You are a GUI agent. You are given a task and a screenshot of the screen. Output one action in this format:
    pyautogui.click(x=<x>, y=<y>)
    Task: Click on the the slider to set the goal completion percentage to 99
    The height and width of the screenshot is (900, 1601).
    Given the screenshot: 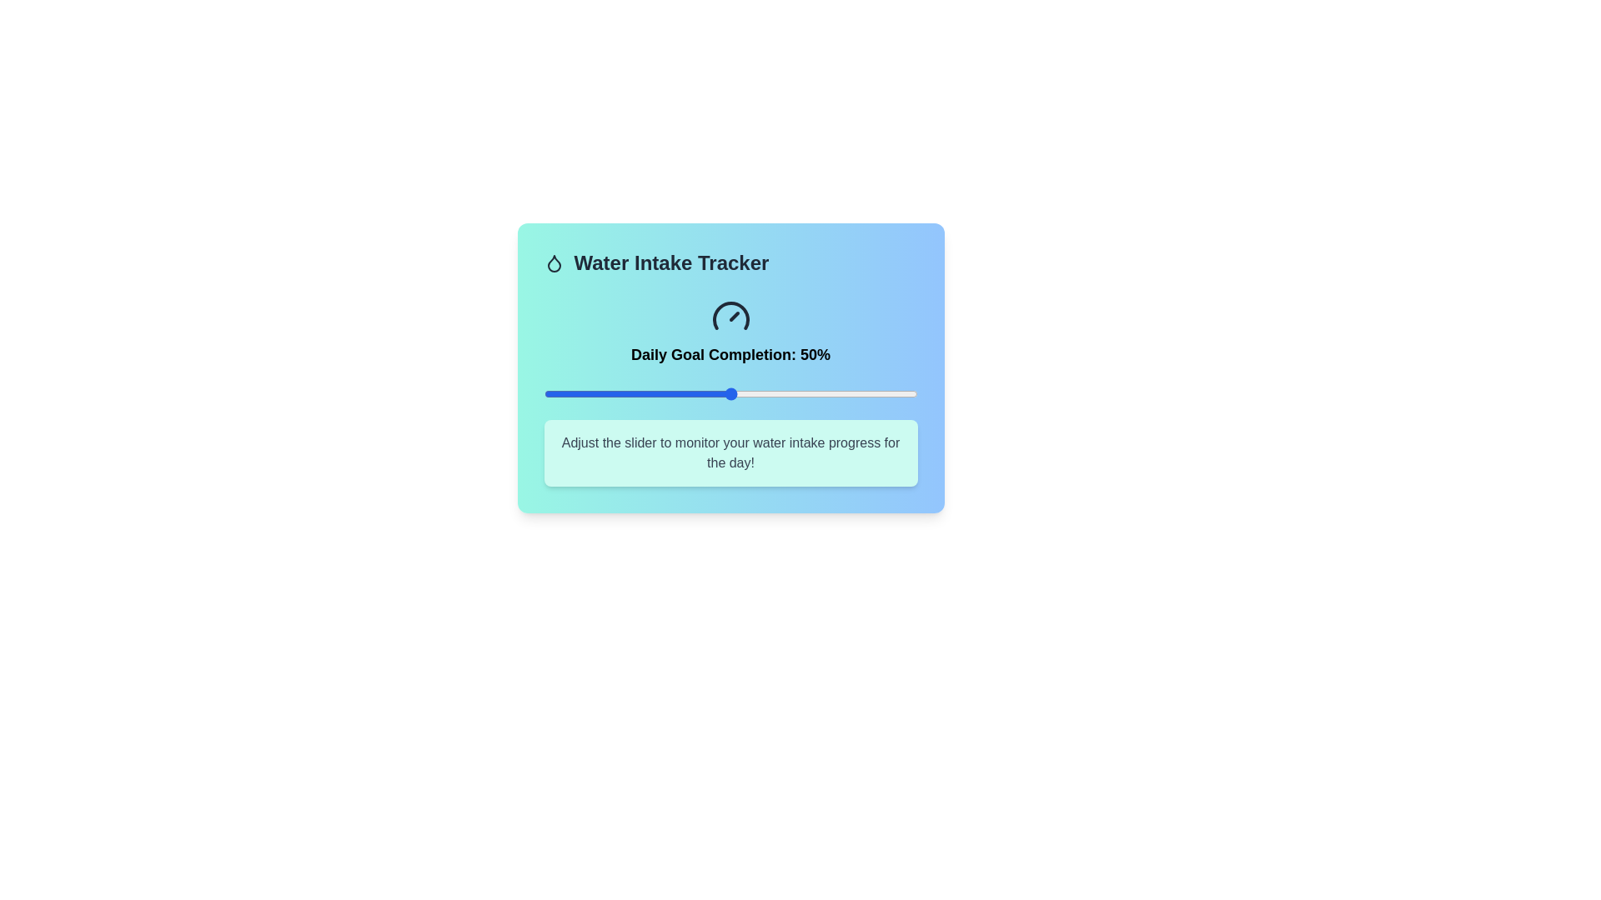 What is the action you would take?
    pyautogui.click(x=912, y=394)
    